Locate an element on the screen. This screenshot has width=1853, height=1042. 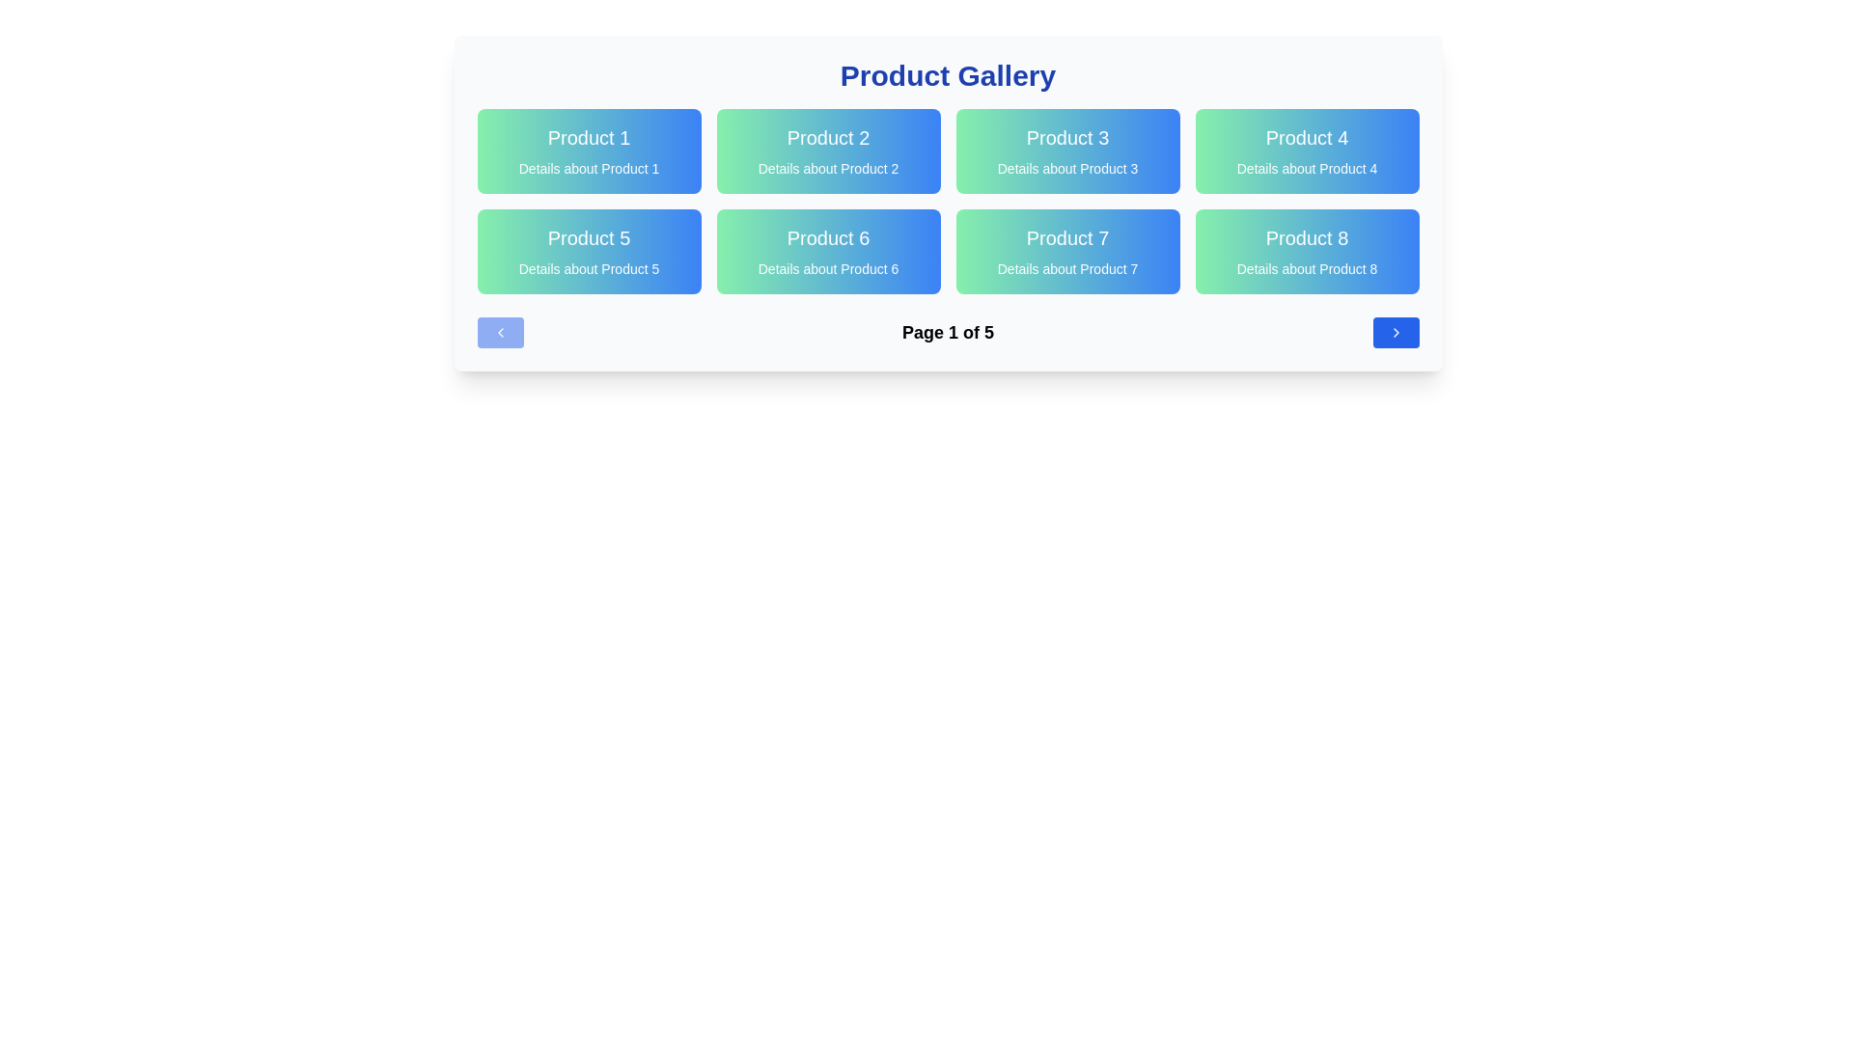
the text label providing details about 'Product 7', located at the bottom of the product card in the second row, third column of the grid layout is located at coordinates (1066, 268).